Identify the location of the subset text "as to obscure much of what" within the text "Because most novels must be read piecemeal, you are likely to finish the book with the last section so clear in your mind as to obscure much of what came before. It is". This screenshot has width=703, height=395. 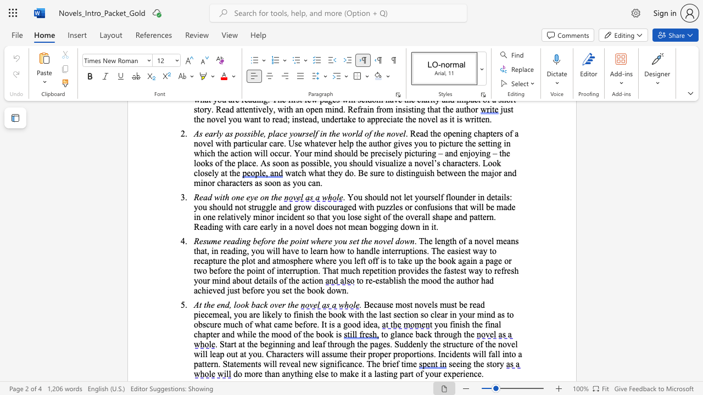
(496, 314).